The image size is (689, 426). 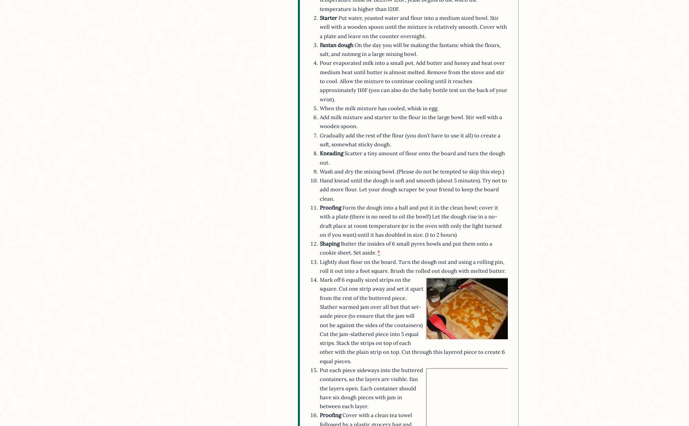 I want to click on 'On the day you will be making the fantans: whisk the flours, salt, and nutmeg in a large mixing bowl.', so click(x=410, y=49).